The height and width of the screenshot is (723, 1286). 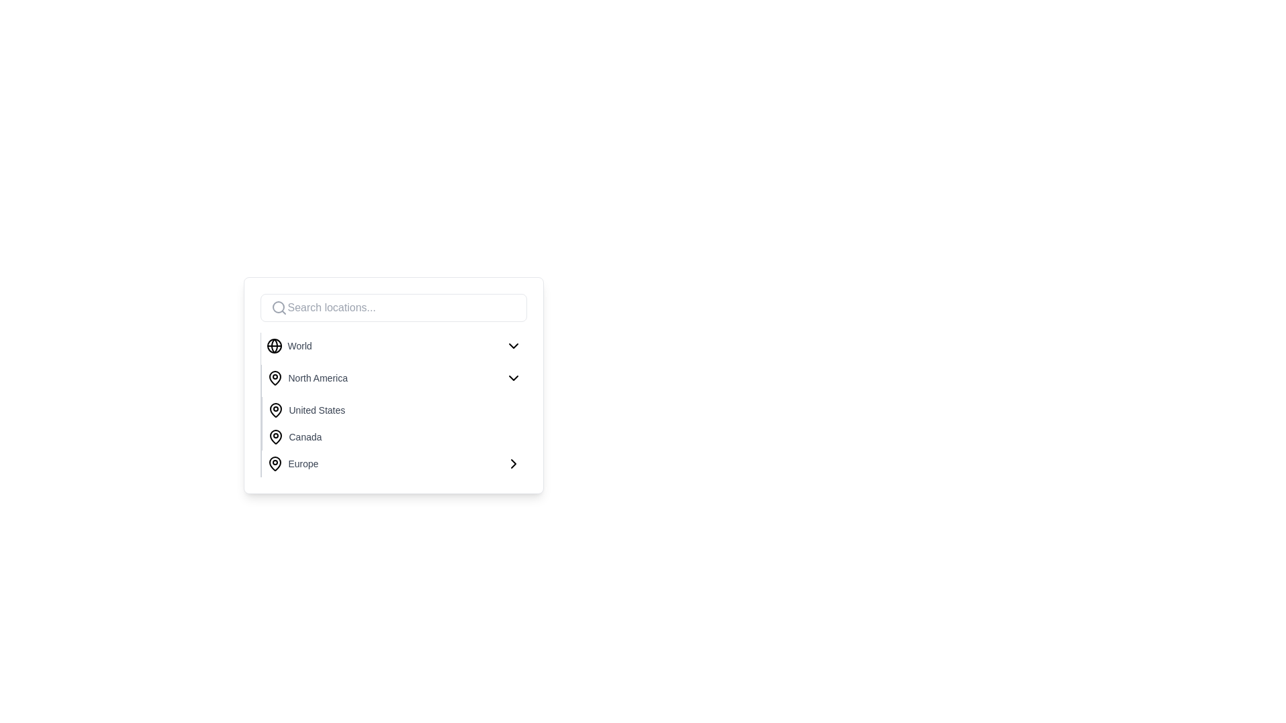 I want to click on the SVG icon styled as a map pin that signifies the 'Europe' option in the geographic menu, located in the fifth row next to the text 'Europe', so click(x=274, y=463).